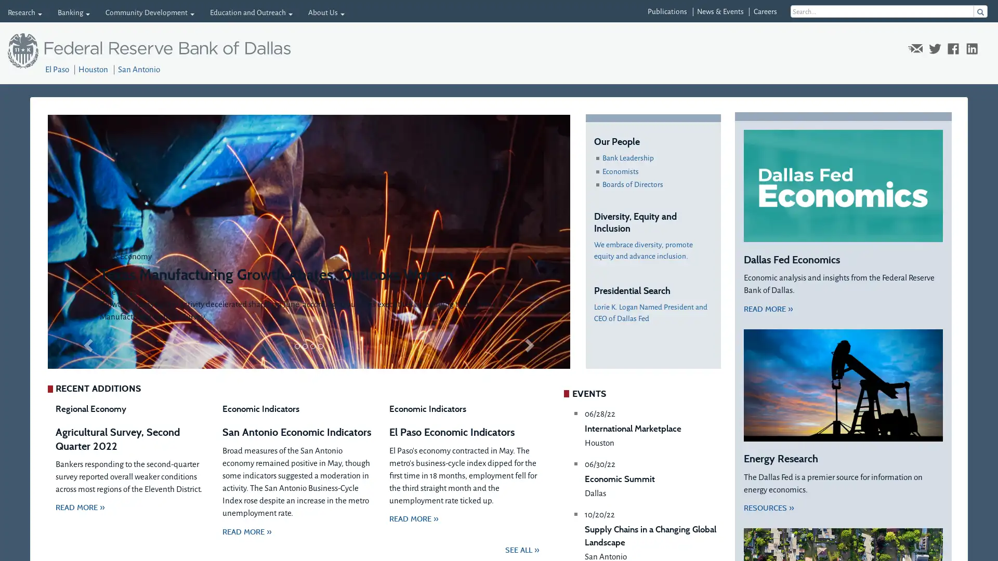  Describe the element at coordinates (86, 242) in the screenshot. I see `Previous` at that location.